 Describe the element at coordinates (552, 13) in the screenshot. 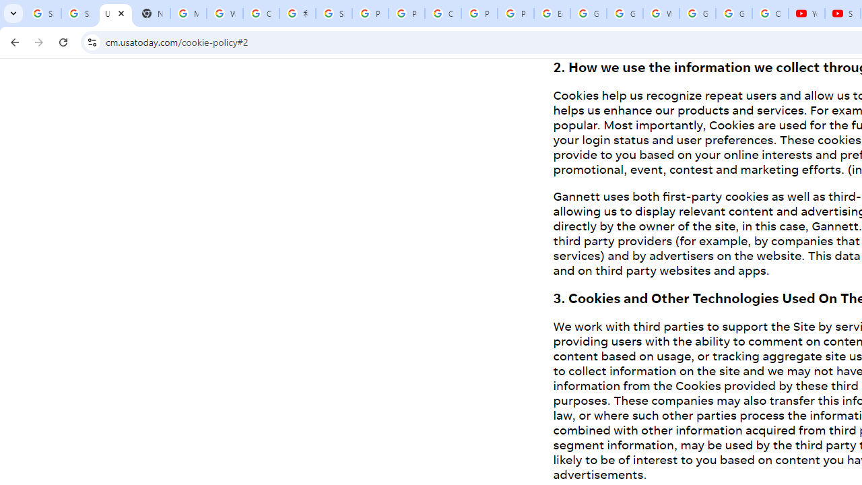

I see `'Edit and view right-to-left text - Google Docs Editors Help'` at that location.